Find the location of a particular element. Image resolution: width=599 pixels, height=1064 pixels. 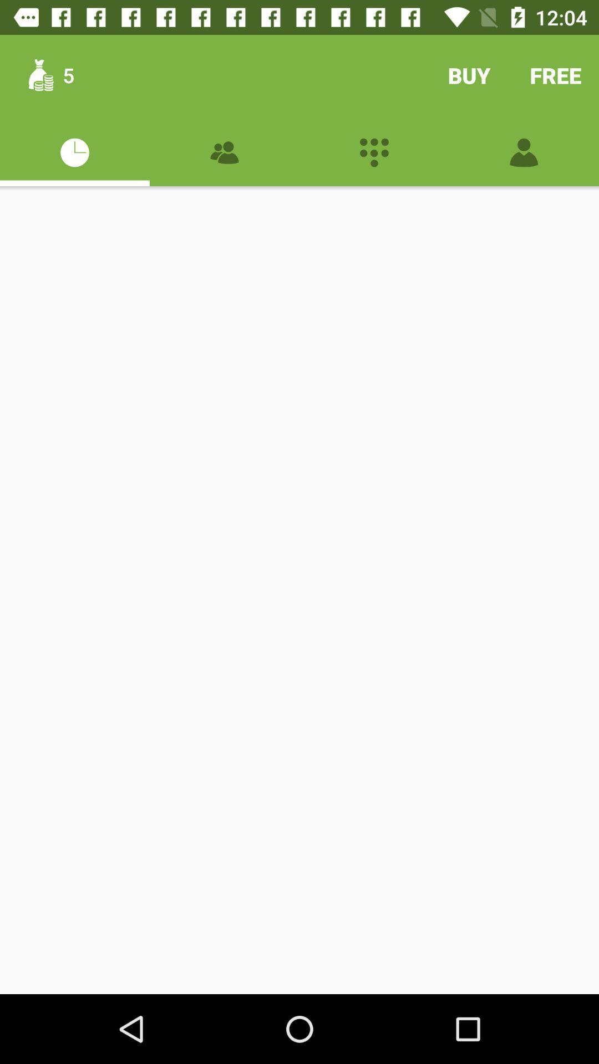

the icon next to free item is located at coordinates (469, 75).